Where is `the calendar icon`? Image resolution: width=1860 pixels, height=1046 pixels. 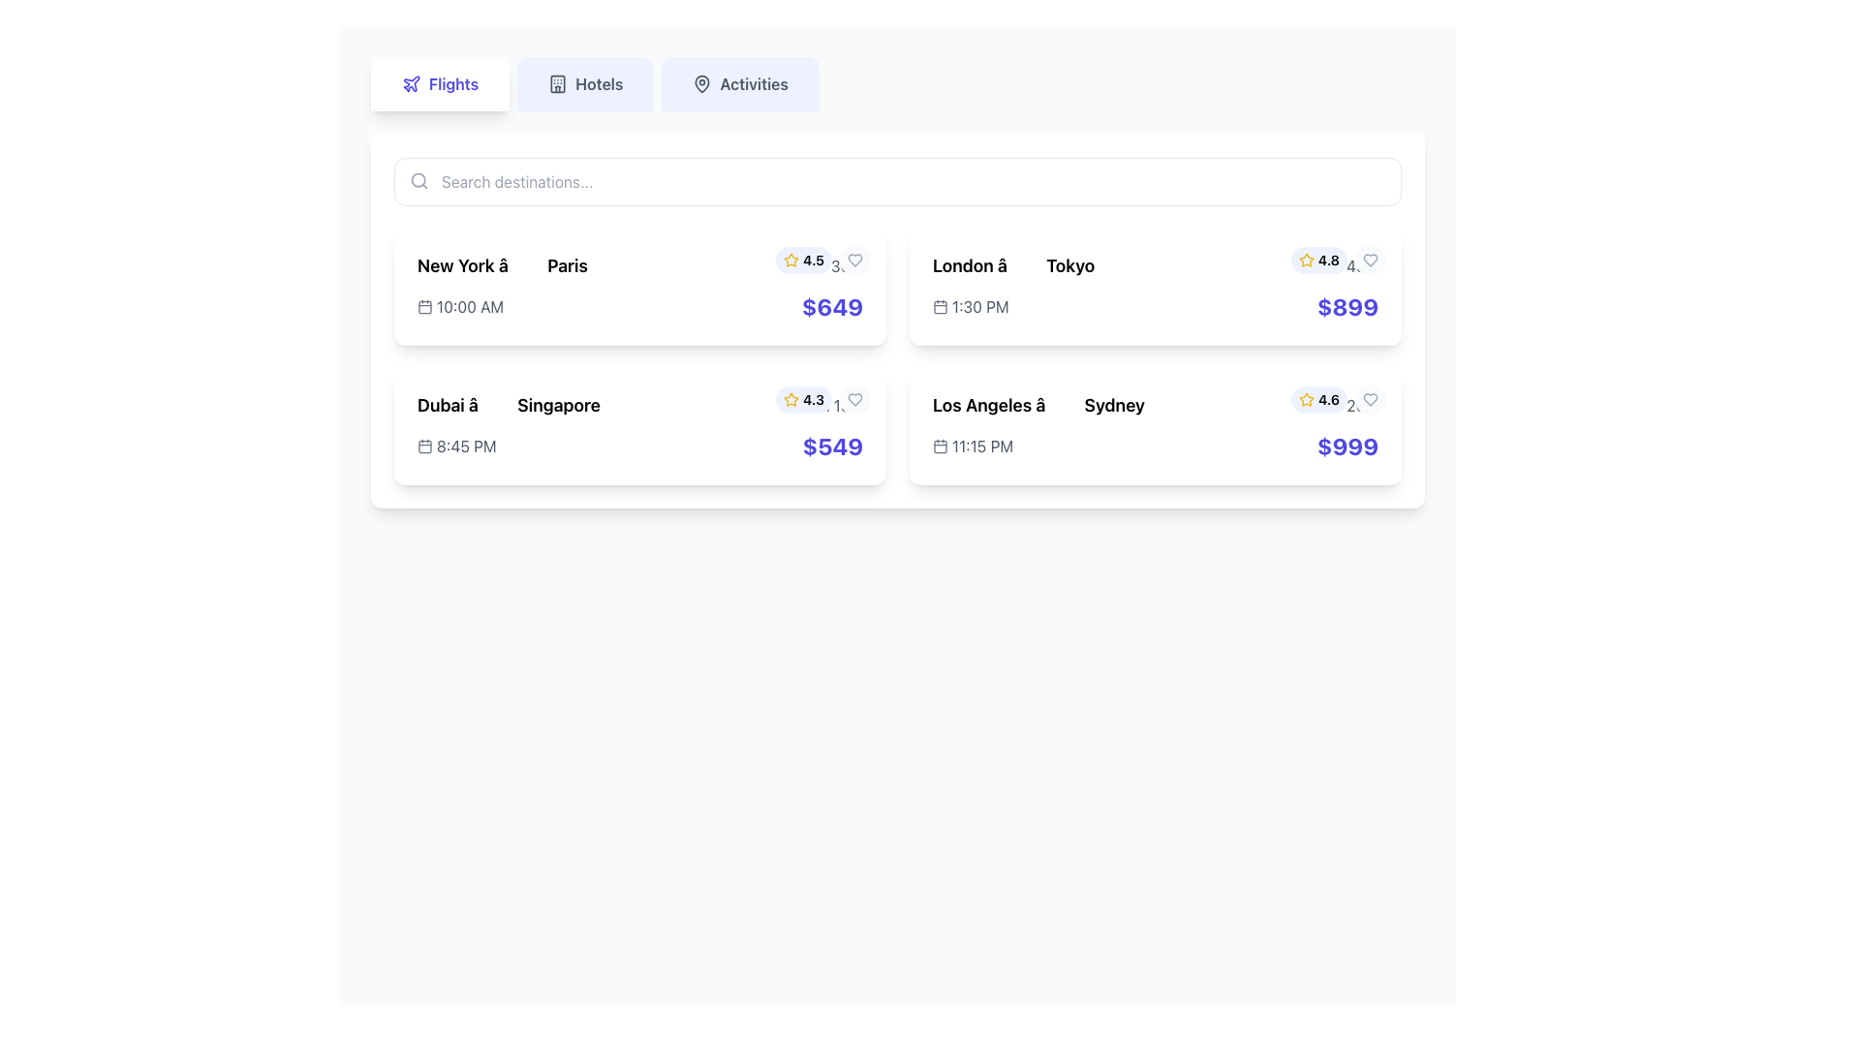
the calendar icon is located at coordinates (940, 305).